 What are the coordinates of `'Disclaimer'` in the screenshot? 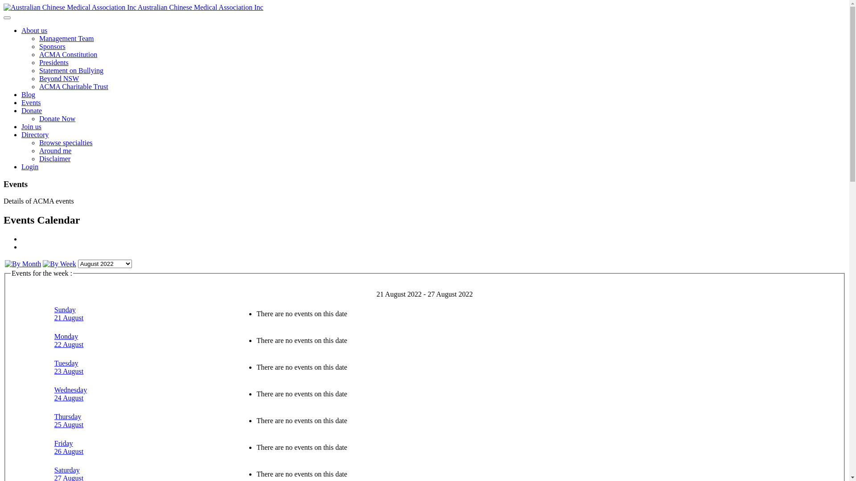 It's located at (54, 158).